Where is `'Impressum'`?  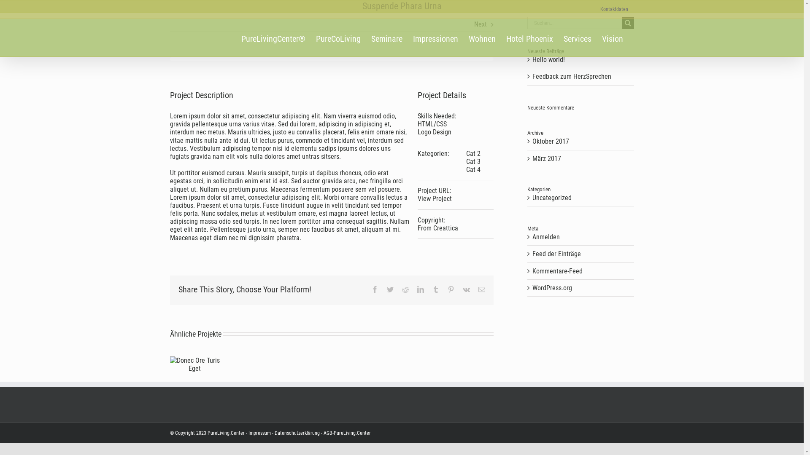 'Impressum' is located at coordinates (259, 433).